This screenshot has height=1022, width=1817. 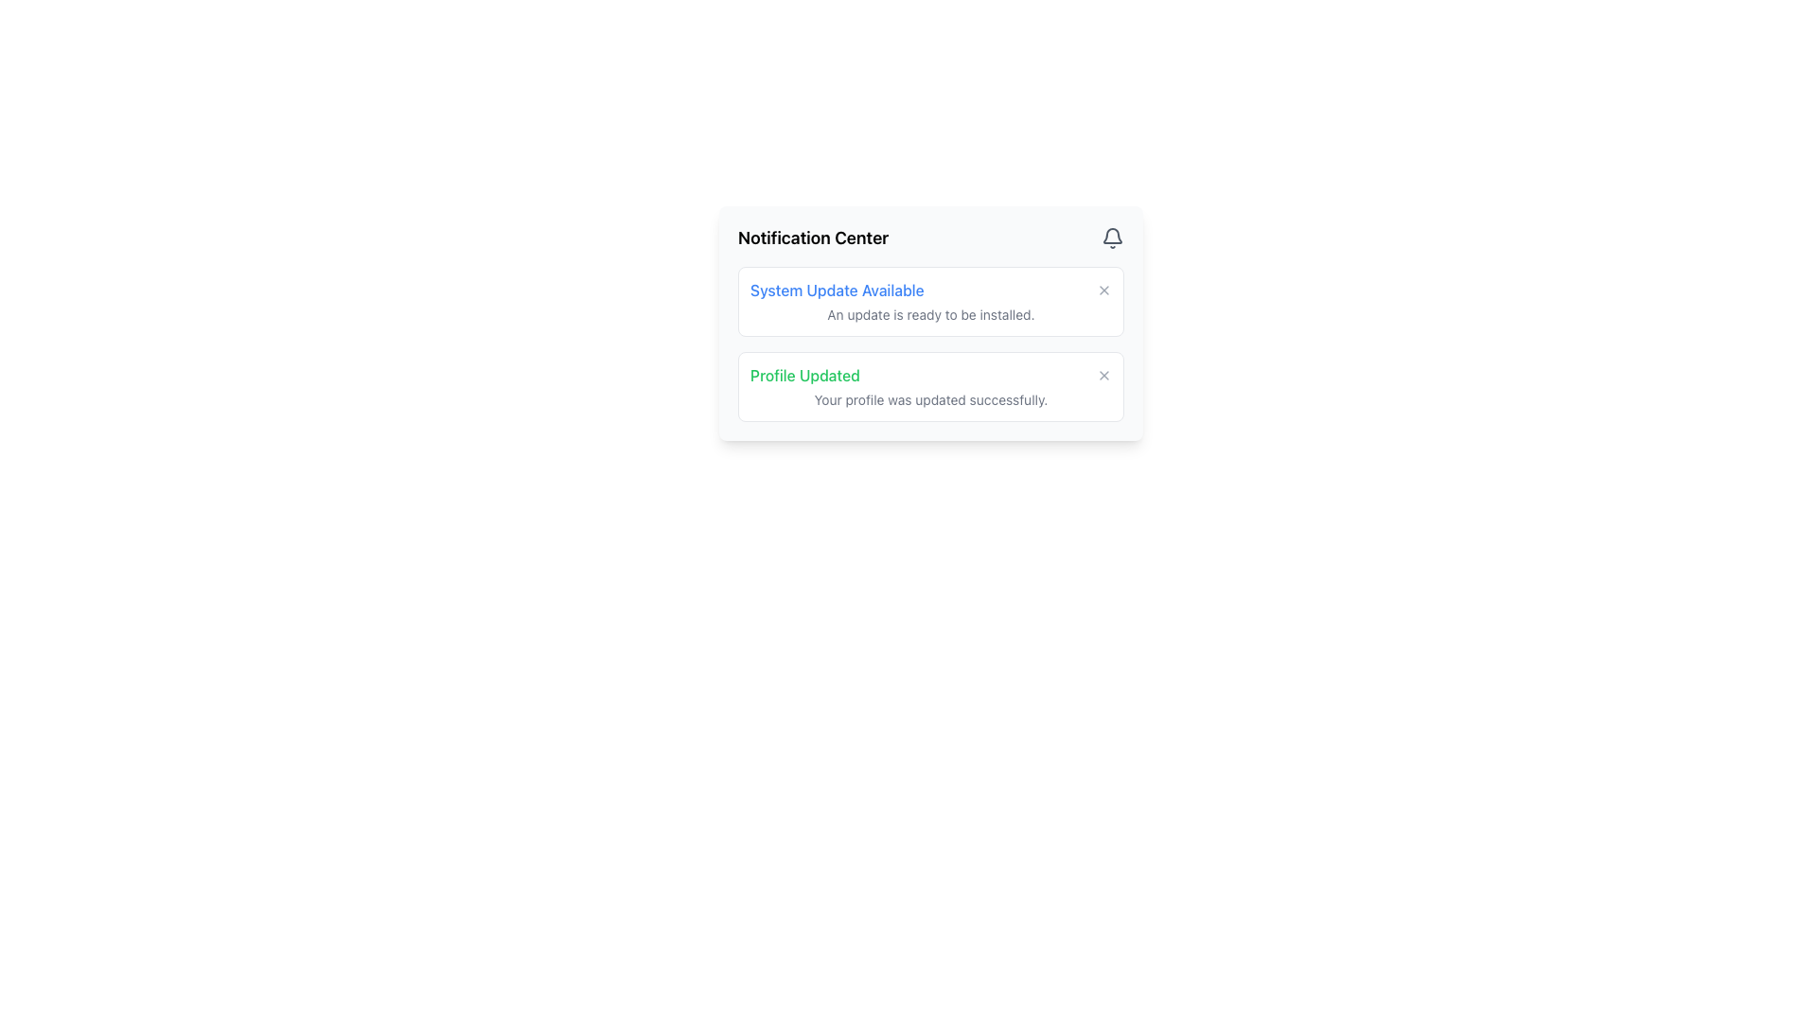 What do you see at coordinates (930, 301) in the screenshot?
I see `notification text displayed in the top notification message of the notification center card, located just below the title 'Notification Center'` at bounding box center [930, 301].